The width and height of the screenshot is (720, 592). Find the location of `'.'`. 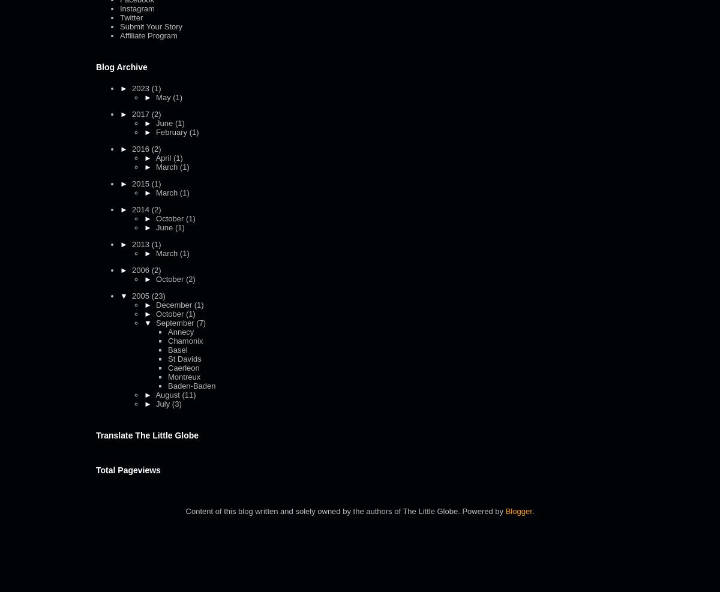

'.' is located at coordinates (532, 510).